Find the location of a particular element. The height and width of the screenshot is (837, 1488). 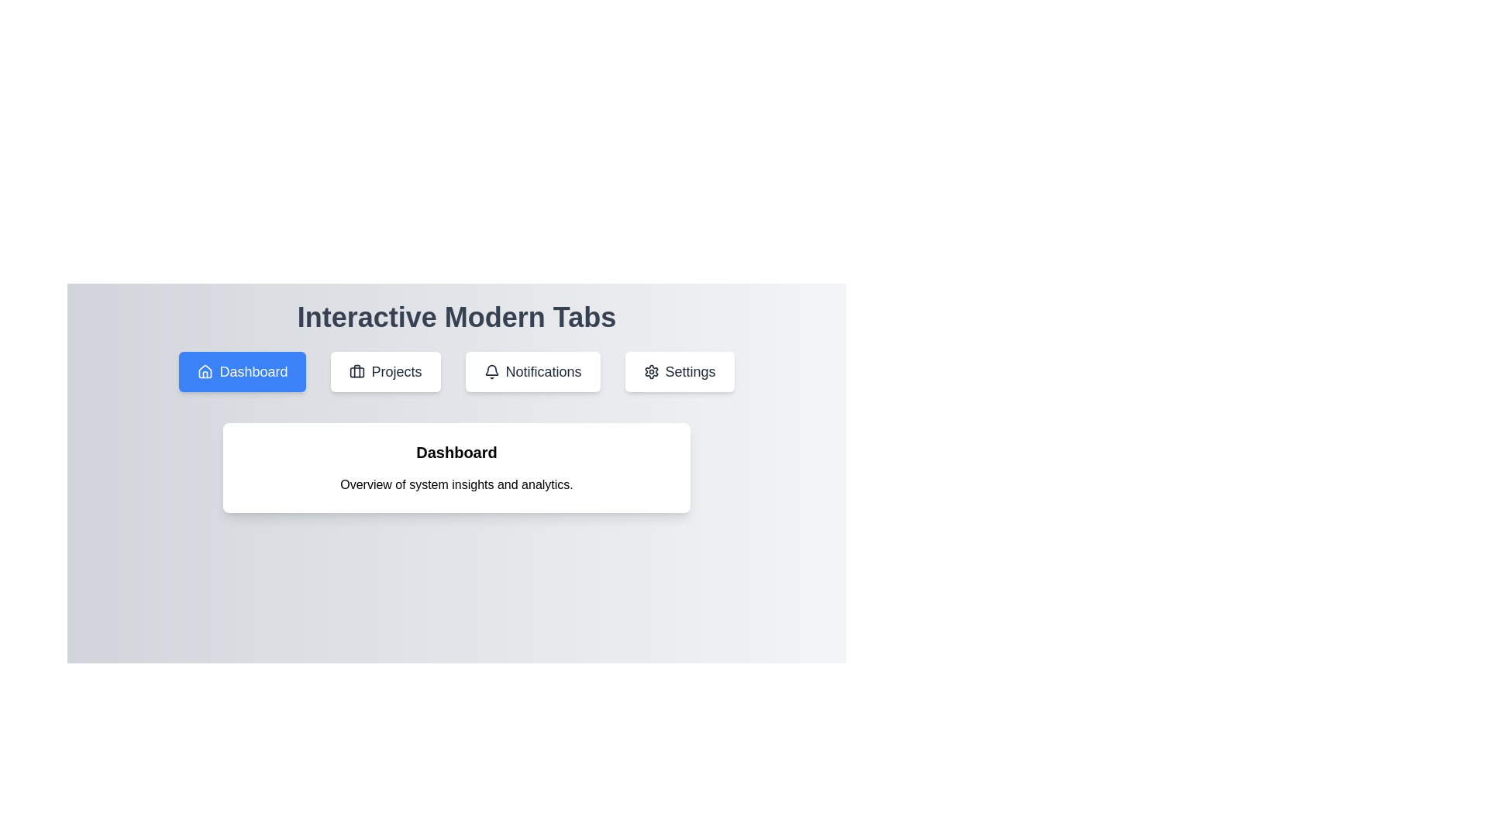

the 'Notifications' text label within the tabbed navigation interface is located at coordinates (543, 371).